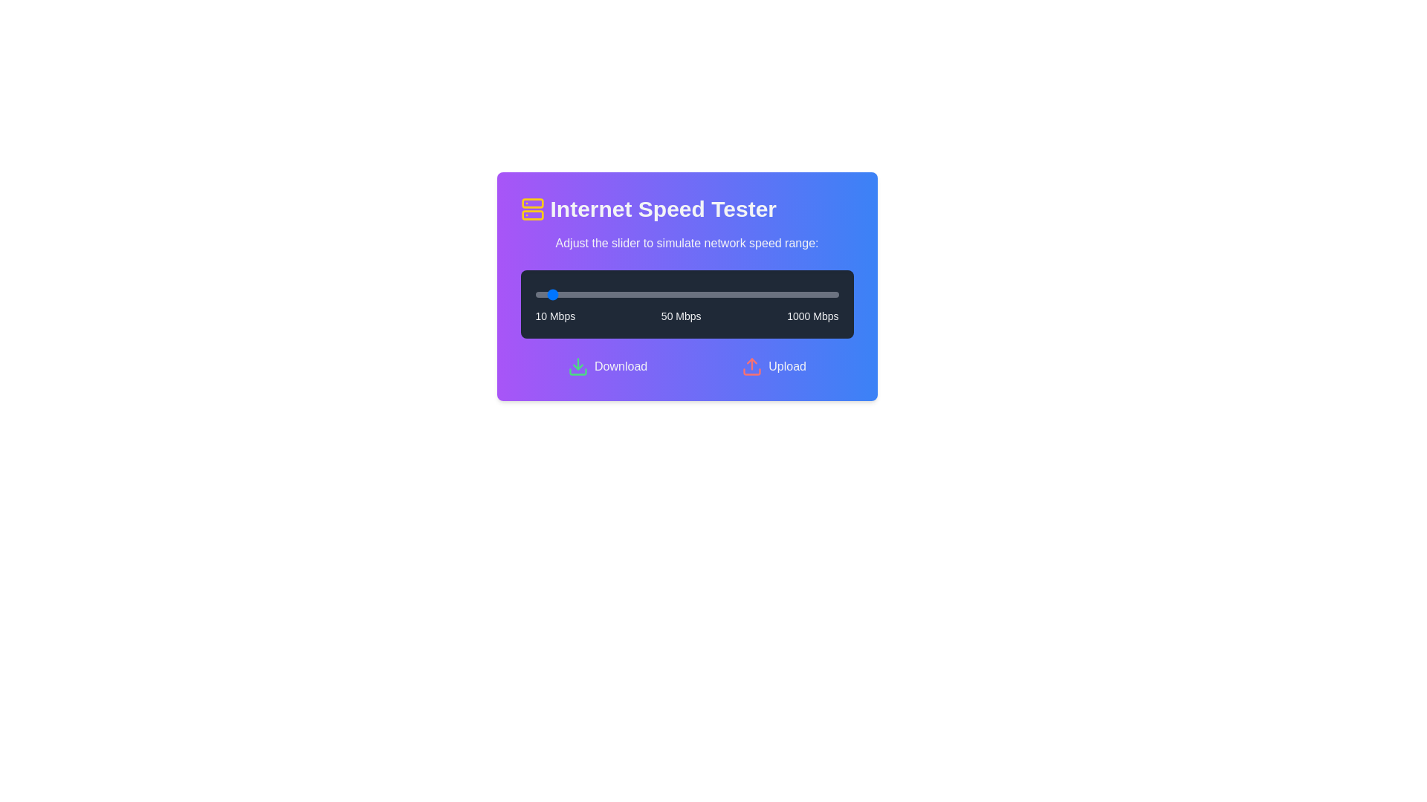 The width and height of the screenshot is (1427, 802). I want to click on the slider to set the speed to 976 Mbps, so click(830, 295).